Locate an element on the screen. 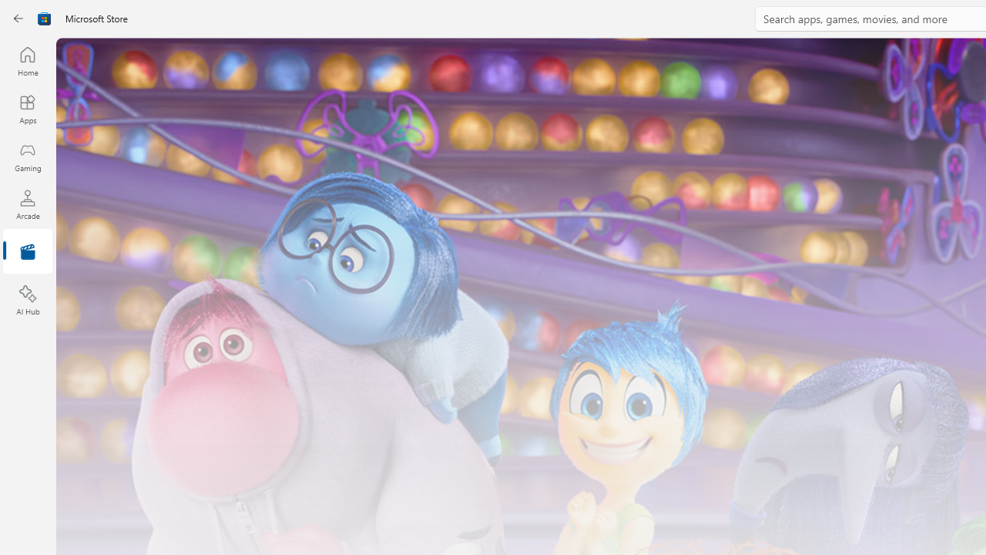 The width and height of the screenshot is (986, 555). 'Home' is located at coordinates (27, 60).